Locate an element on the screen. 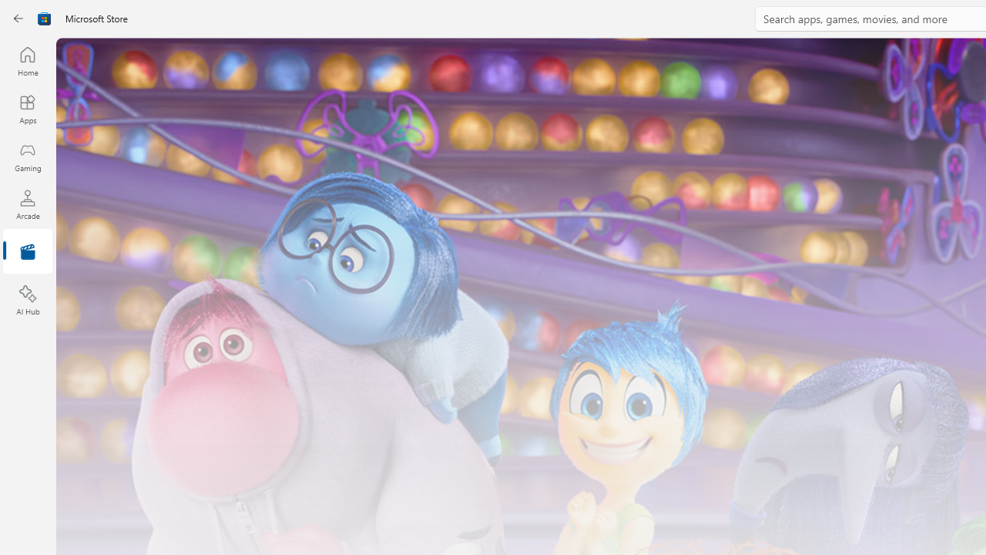 The width and height of the screenshot is (986, 555). 'Home' is located at coordinates (27, 60).